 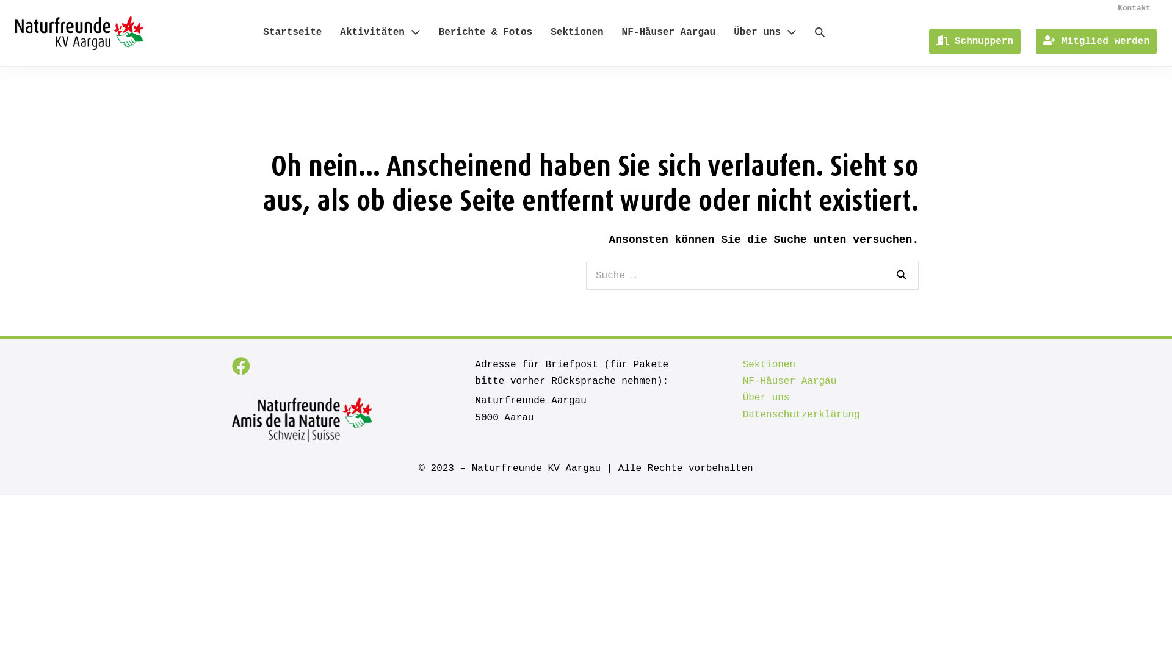 What do you see at coordinates (1096, 41) in the screenshot?
I see `'Mitglied werden'` at bounding box center [1096, 41].